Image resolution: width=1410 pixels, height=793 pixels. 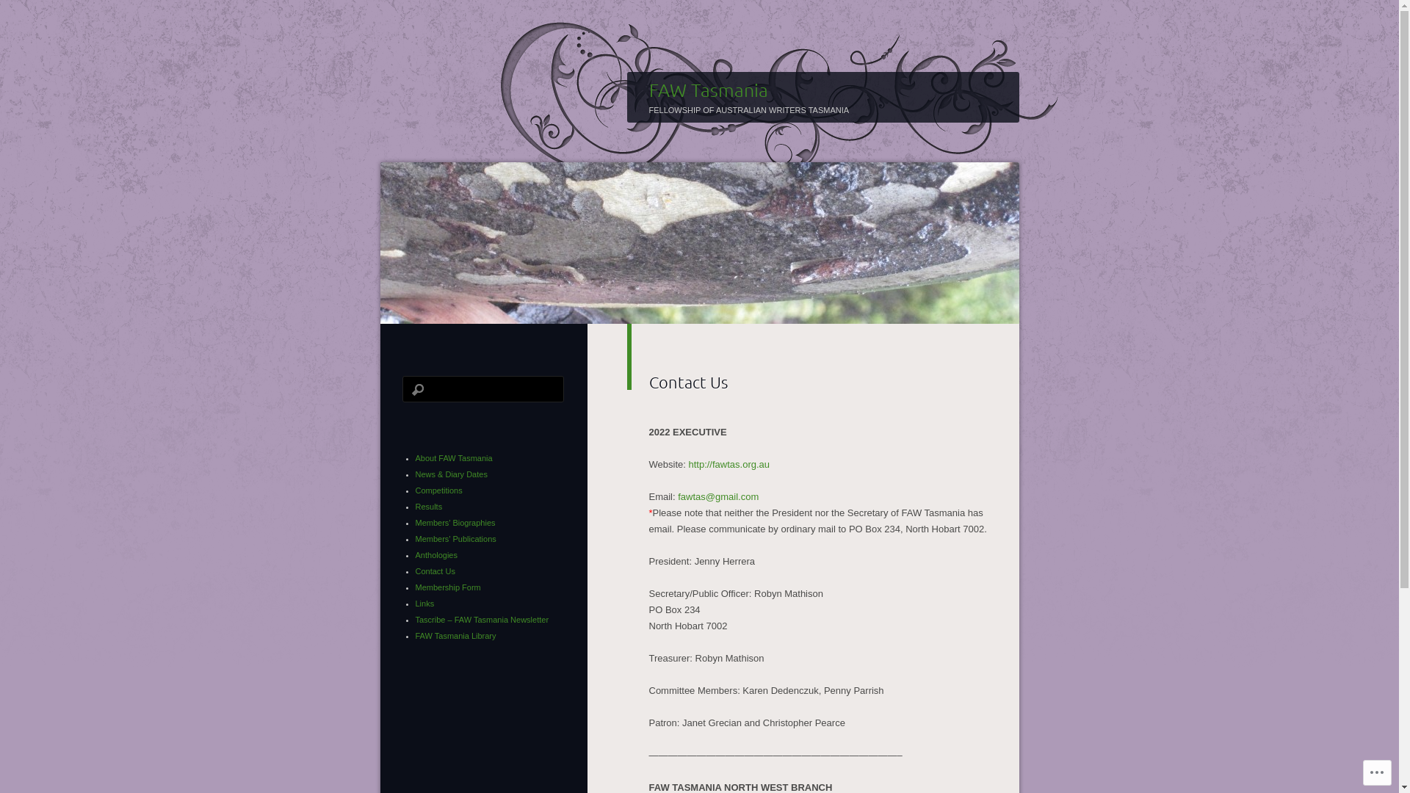 What do you see at coordinates (415, 474) in the screenshot?
I see `'News & Diary Dates'` at bounding box center [415, 474].